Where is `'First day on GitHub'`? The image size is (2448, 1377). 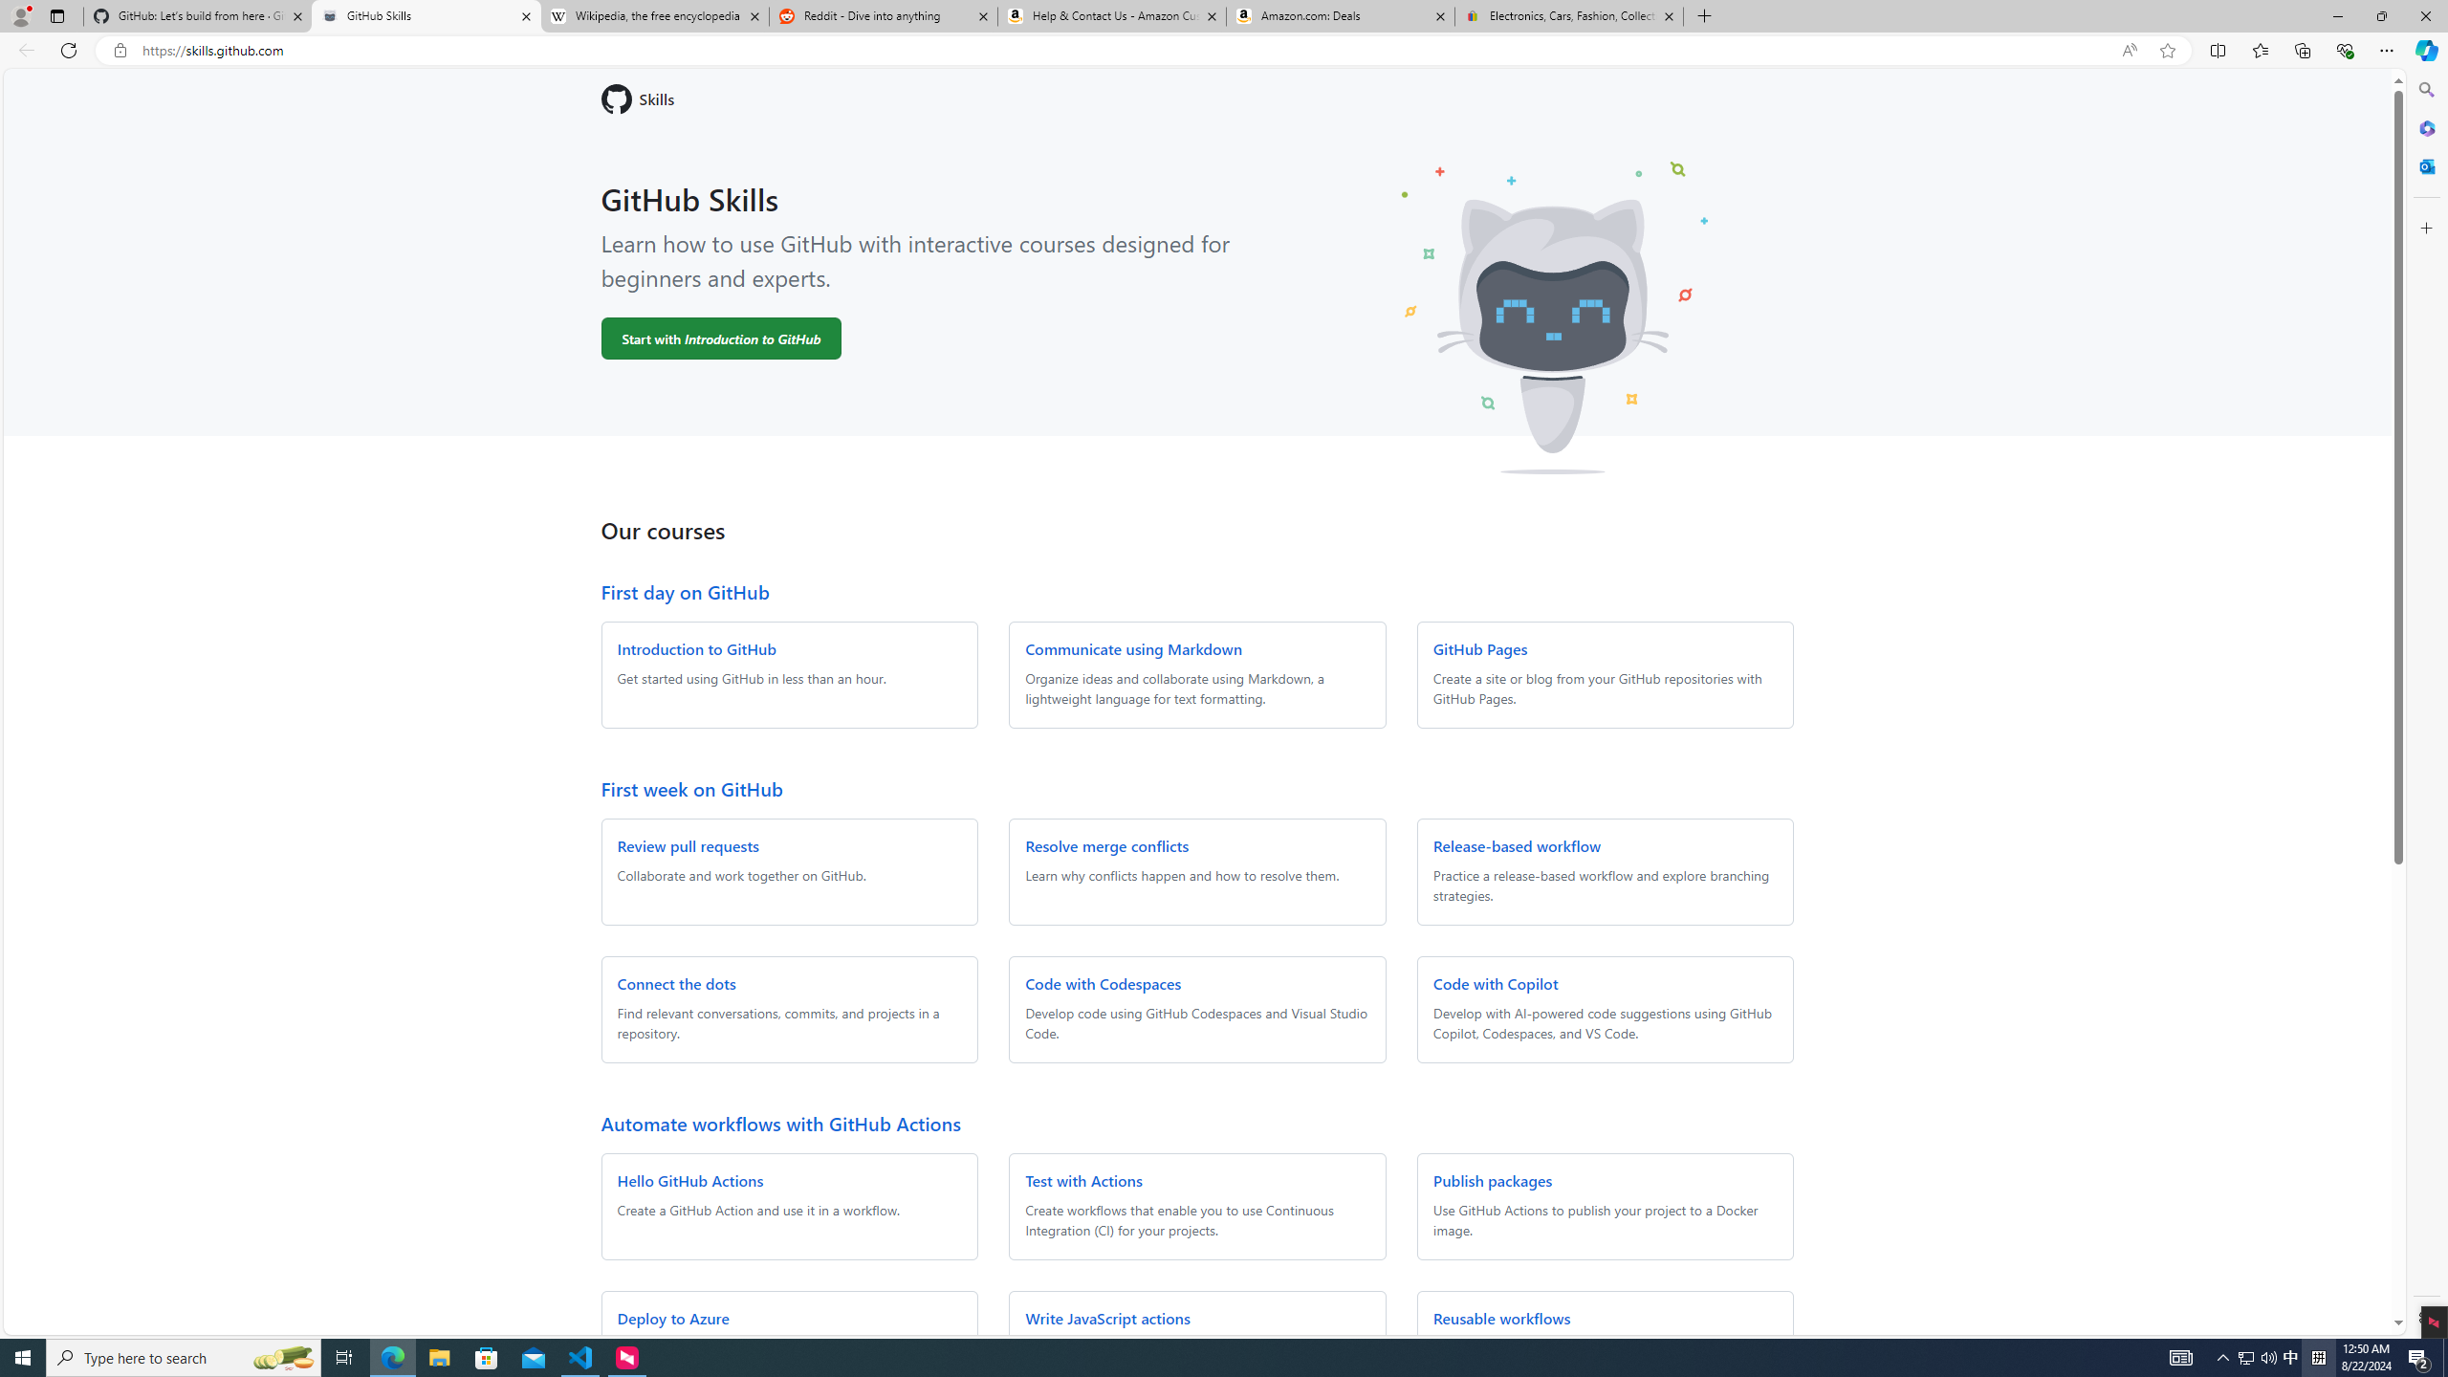
'First day on GitHub' is located at coordinates (683, 590).